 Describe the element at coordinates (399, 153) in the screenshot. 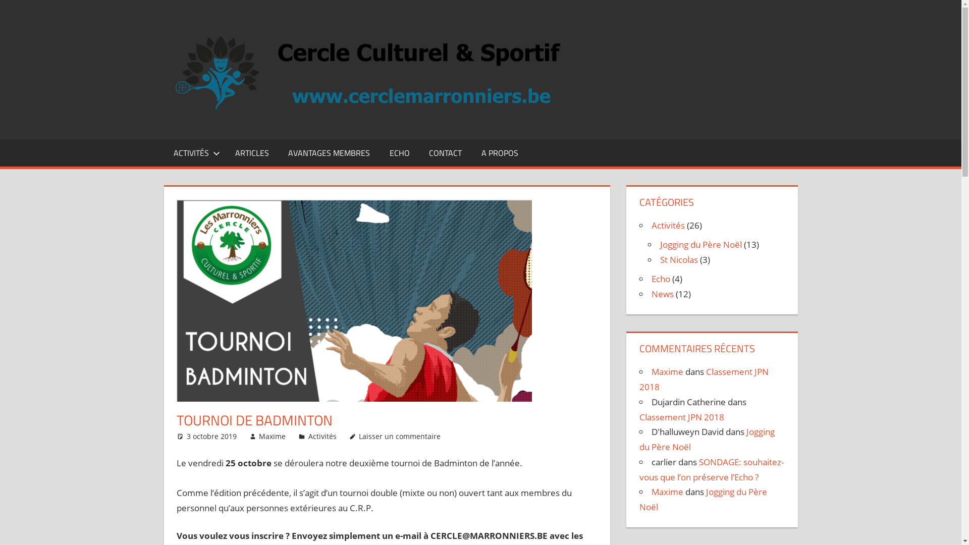

I see `'ECHO'` at that location.